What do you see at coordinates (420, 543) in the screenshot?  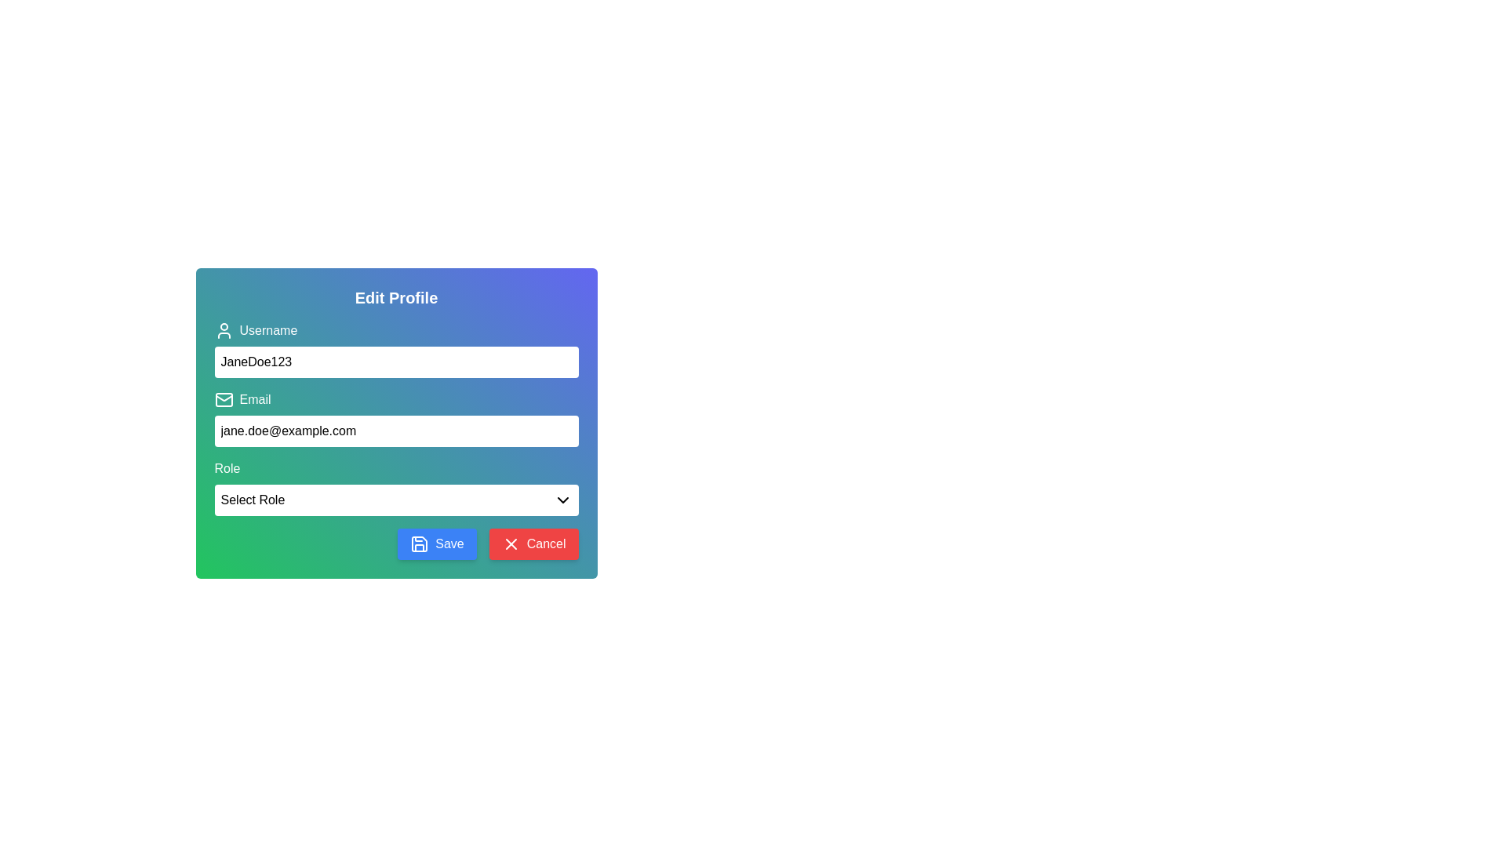 I see `the SVG icon representing the save command located within the blue 'Save' button at the bottom left of the profile editing form to potentially reveal visual feedback` at bounding box center [420, 543].